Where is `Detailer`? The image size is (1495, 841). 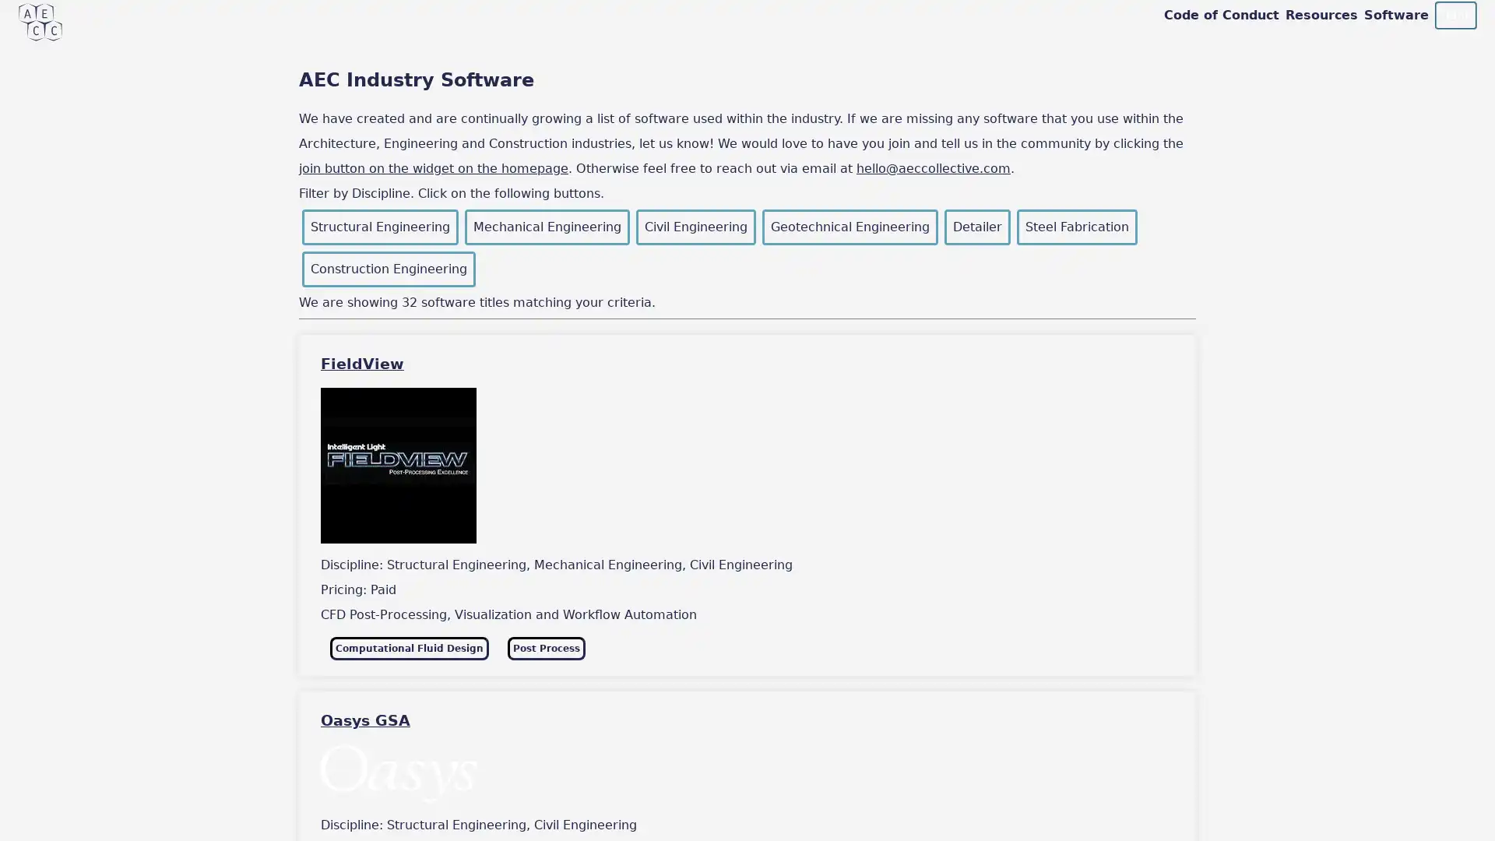 Detailer is located at coordinates (976, 227).